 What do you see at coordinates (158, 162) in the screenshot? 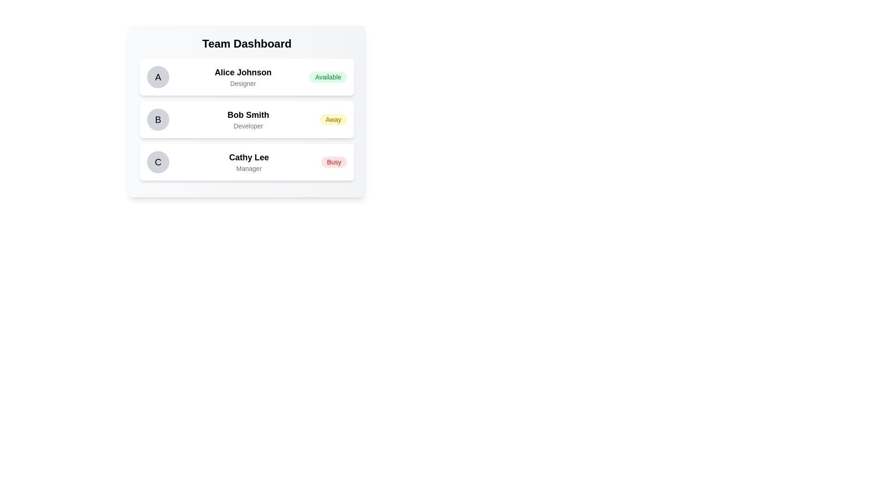
I see `the avatar representing 'Cathy Lee'` at bounding box center [158, 162].